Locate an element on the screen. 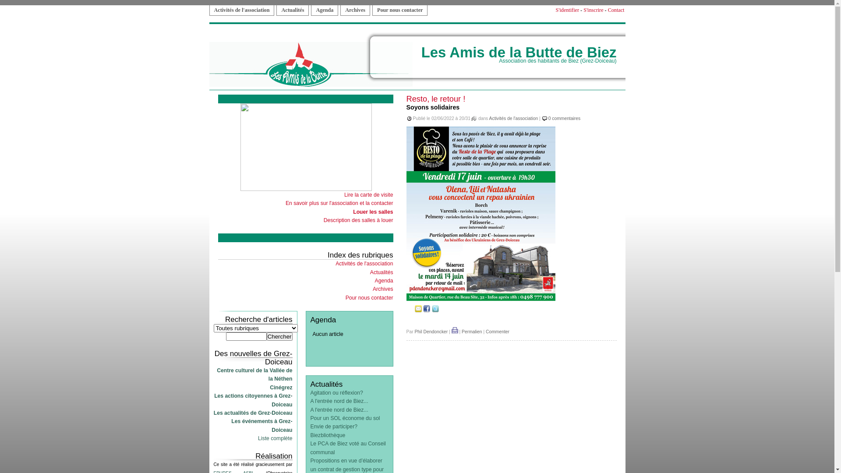  'Lire la carte de visite' is located at coordinates (344, 194).